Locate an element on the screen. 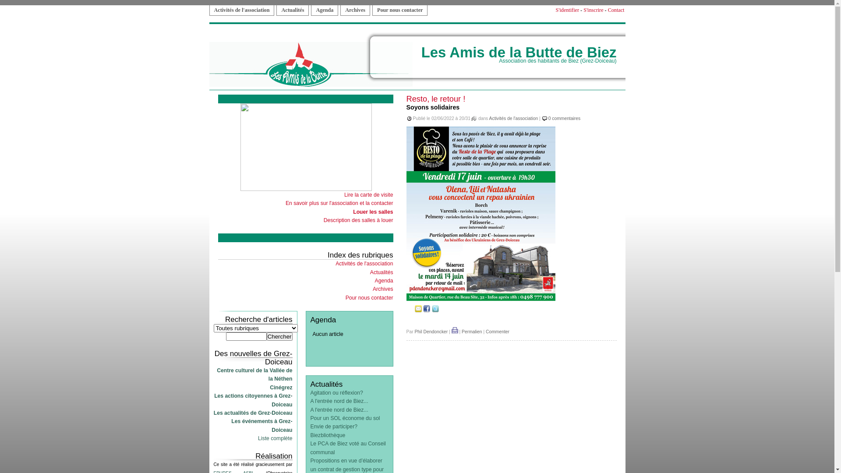  'Lire la carte de visite' is located at coordinates (344, 194).